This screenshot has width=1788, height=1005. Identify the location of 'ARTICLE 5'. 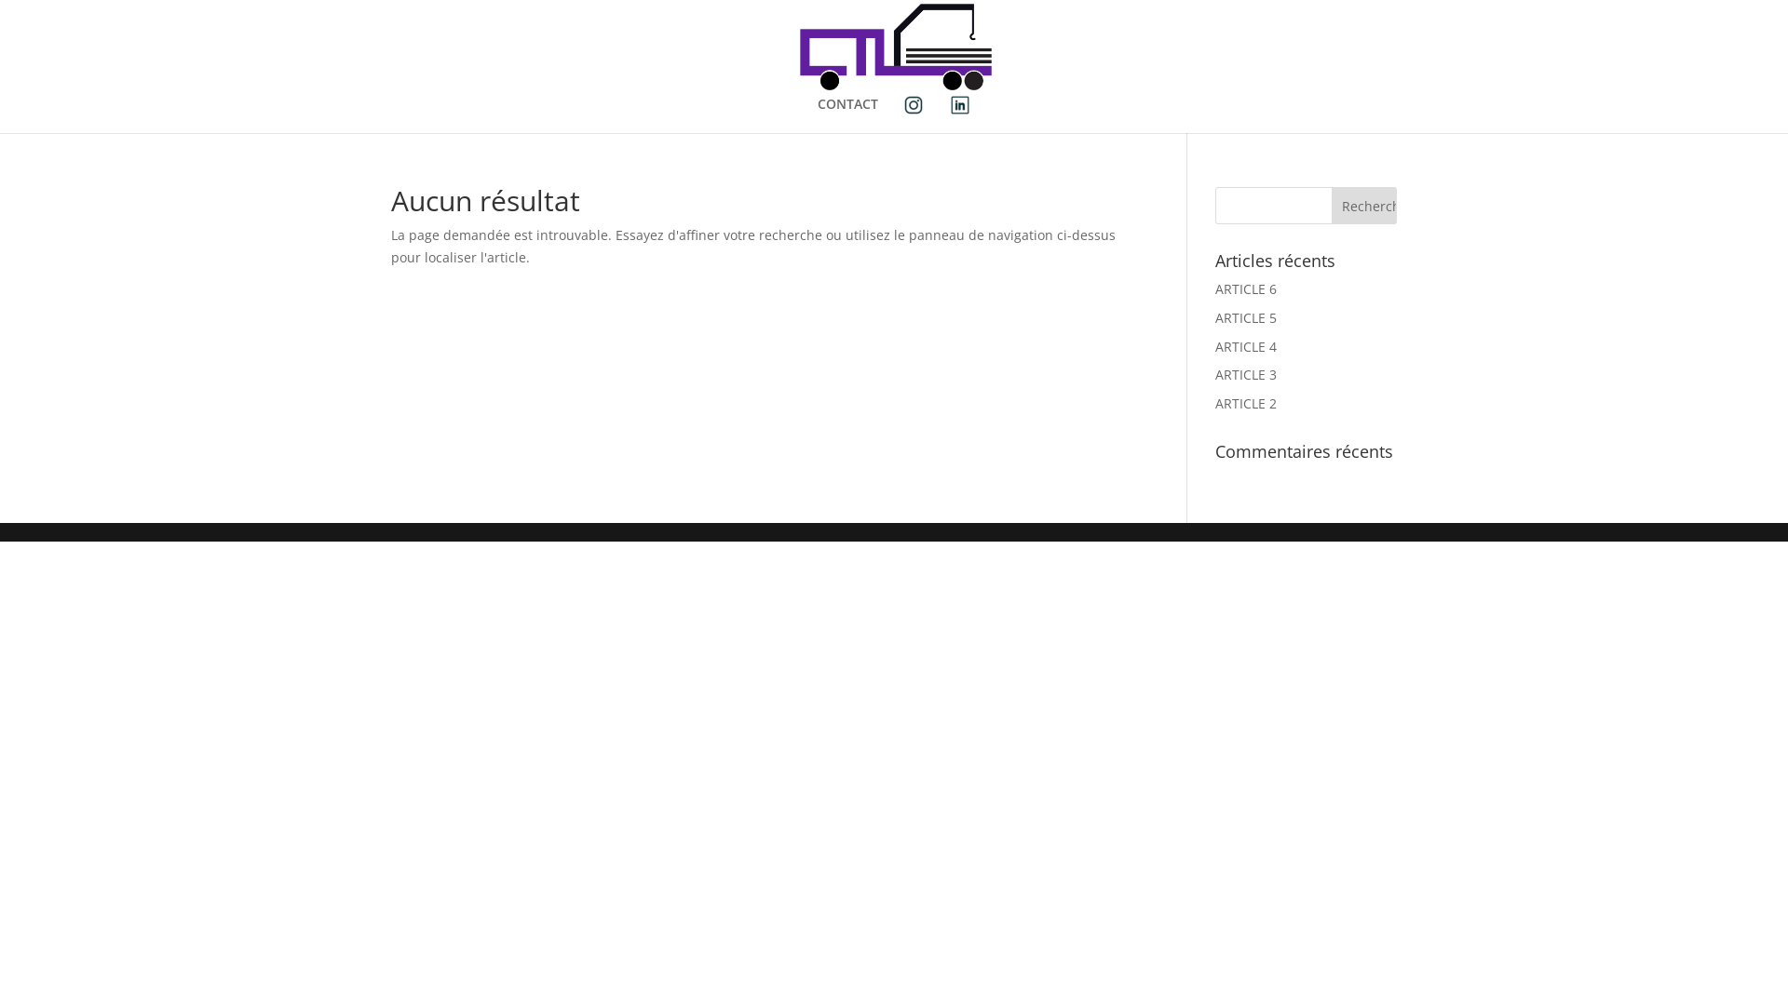
(1246, 316).